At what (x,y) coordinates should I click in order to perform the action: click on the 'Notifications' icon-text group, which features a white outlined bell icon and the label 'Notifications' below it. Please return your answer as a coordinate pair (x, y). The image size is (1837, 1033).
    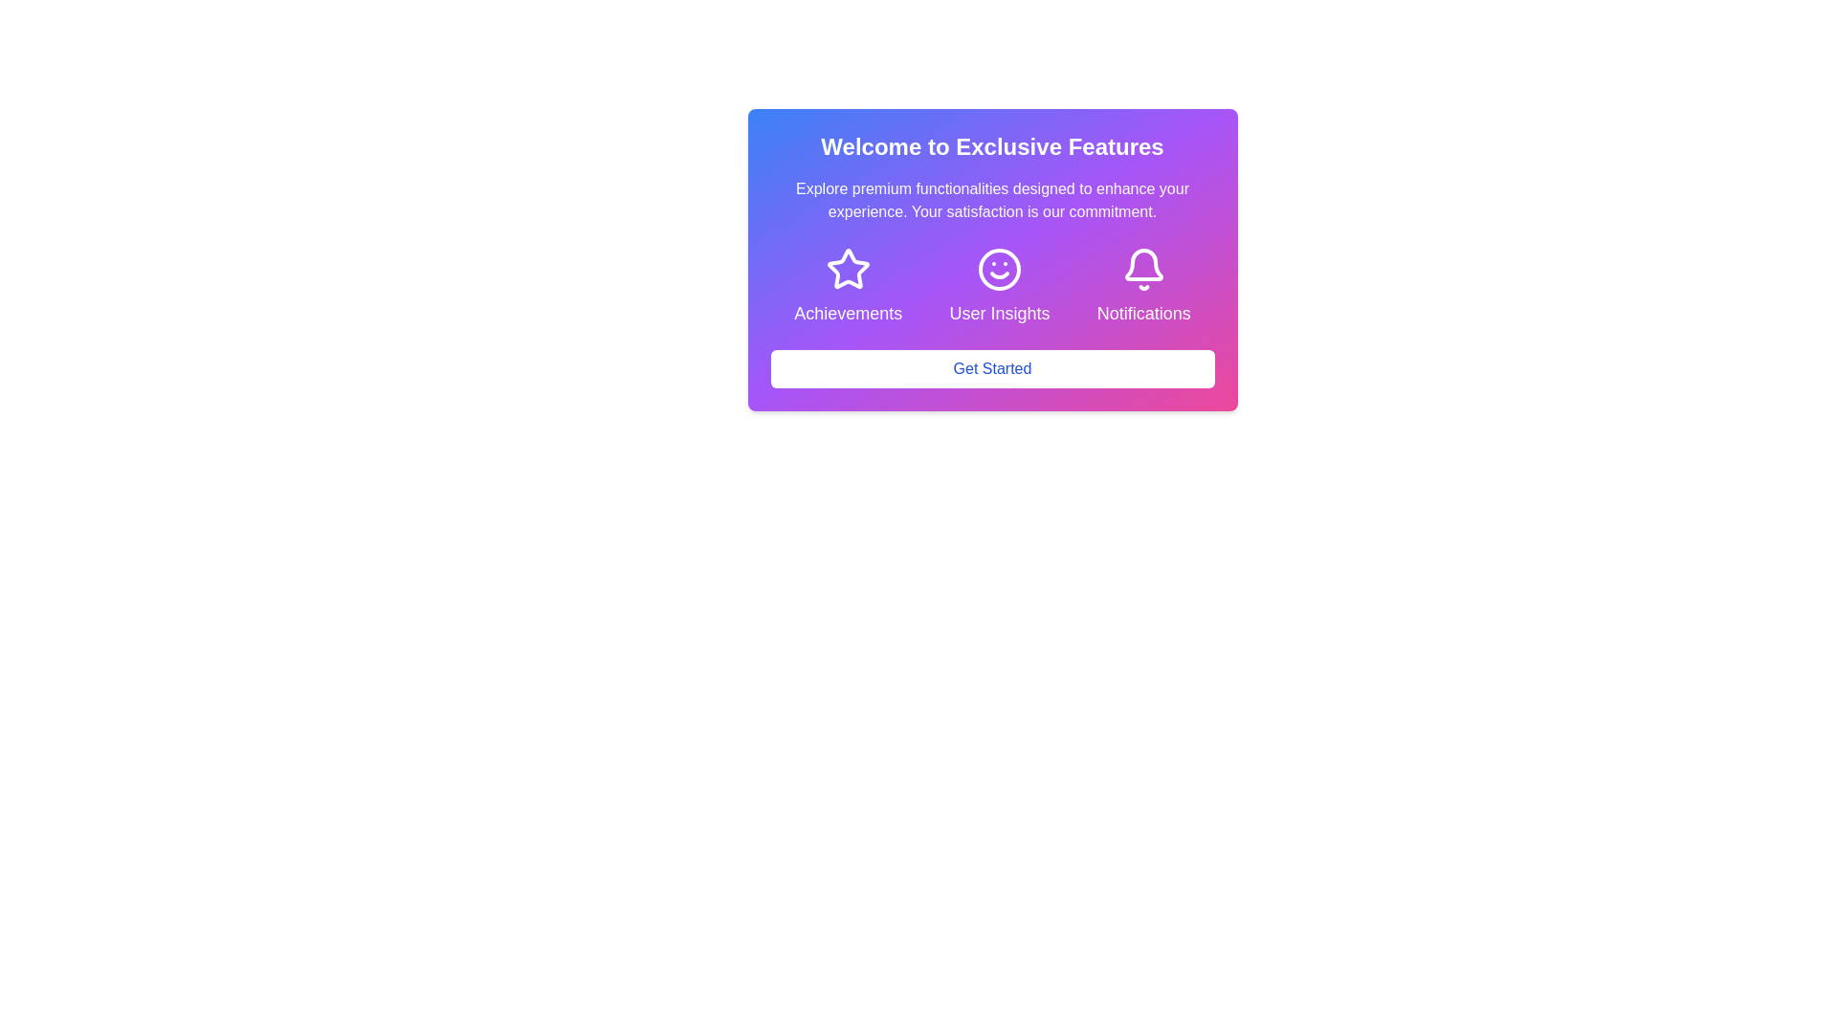
    Looking at the image, I should click on (1143, 287).